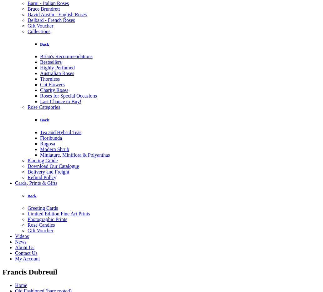 This screenshot has width=323, height=292. Describe the element at coordinates (40, 56) in the screenshot. I see `'Brian's Recommendations'` at that location.